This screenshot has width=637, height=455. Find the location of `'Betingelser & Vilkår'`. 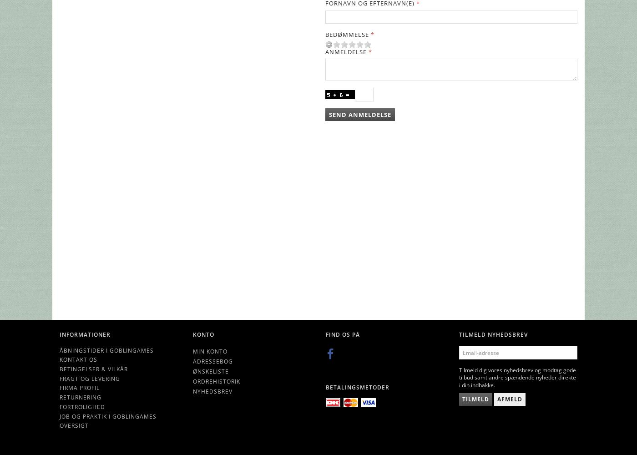

'Betingelser & Vilkår' is located at coordinates (93, 369).